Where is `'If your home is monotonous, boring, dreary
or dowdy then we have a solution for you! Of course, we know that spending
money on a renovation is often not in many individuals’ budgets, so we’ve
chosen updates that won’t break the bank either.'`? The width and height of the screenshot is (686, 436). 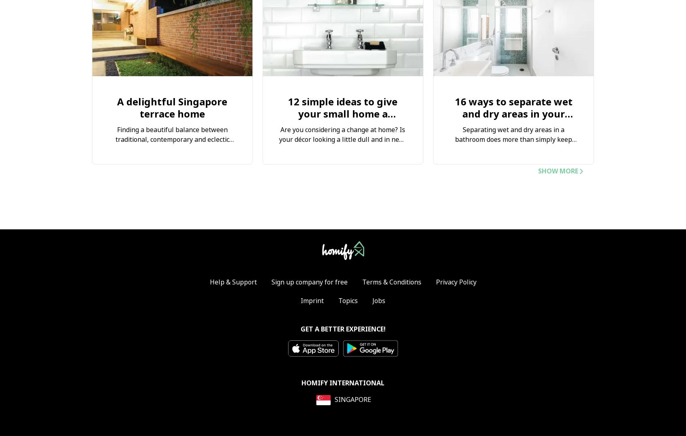
'If your home is monotonous, boring, dreary
or dowdy then we have a solution for you! Of course, we know that spending
money on a renovation is often not in many individuals’ budgets, so we’ve
chosen updates that won’t break the bank either.' is located at coordinates (342, 178).